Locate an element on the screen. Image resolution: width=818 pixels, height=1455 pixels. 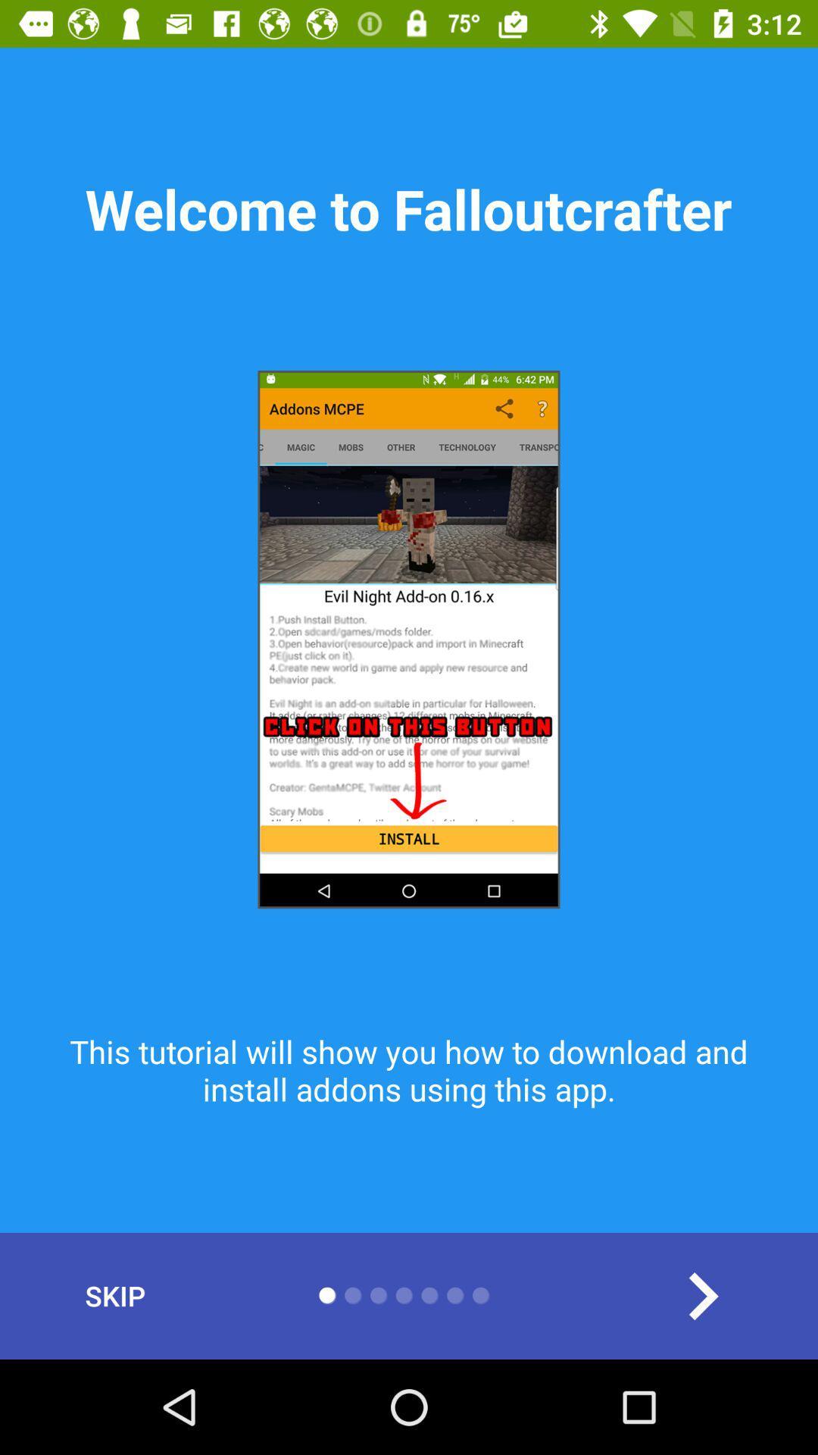
skip item is located at coordinates (114, 1295).